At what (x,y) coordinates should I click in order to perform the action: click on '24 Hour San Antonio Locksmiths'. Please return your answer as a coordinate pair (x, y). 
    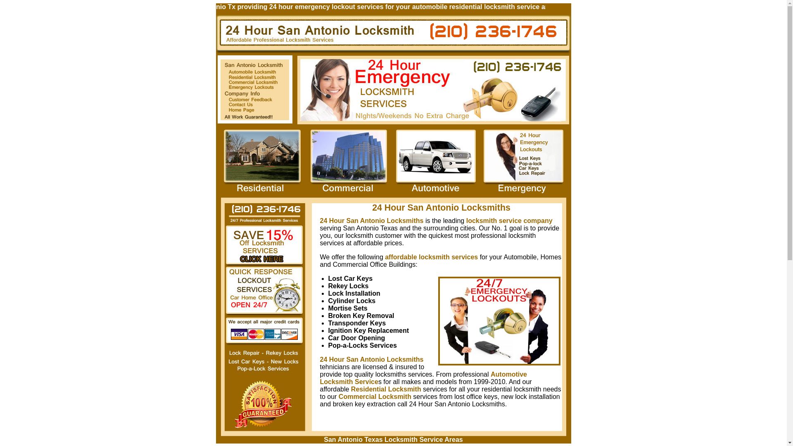
    Looking at the image, I should click on (371, 359).